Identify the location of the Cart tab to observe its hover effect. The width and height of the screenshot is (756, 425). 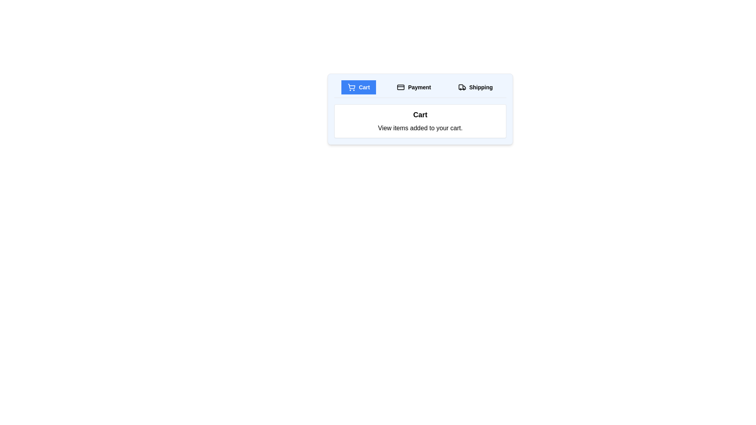
(358, 87).